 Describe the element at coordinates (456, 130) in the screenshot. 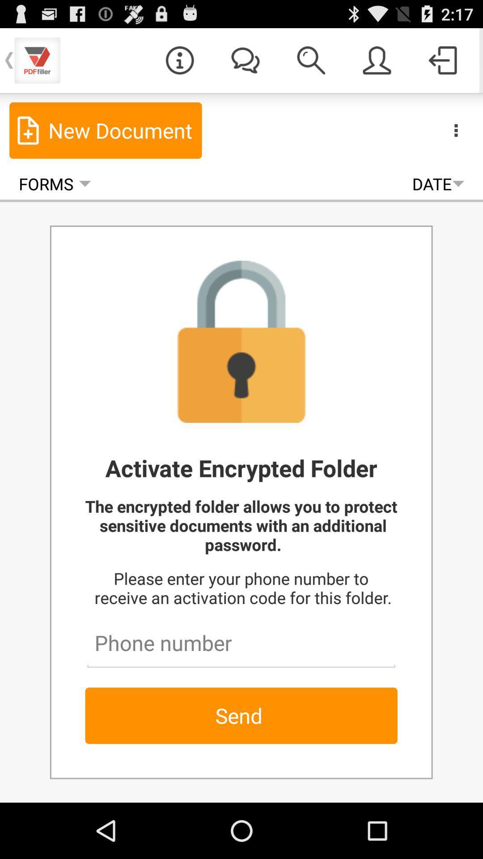

I see `tap button for options` at that location.